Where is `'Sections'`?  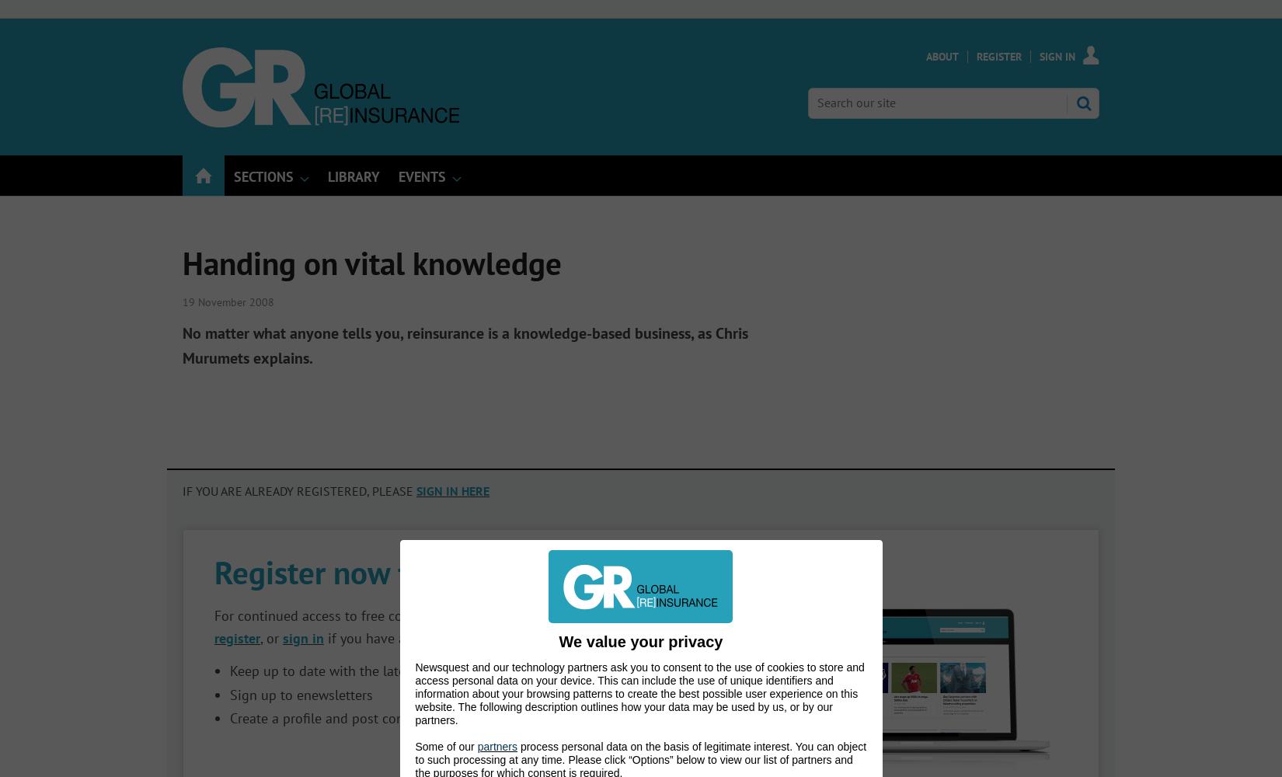 'Sections' is located at coordinates (263, 176).